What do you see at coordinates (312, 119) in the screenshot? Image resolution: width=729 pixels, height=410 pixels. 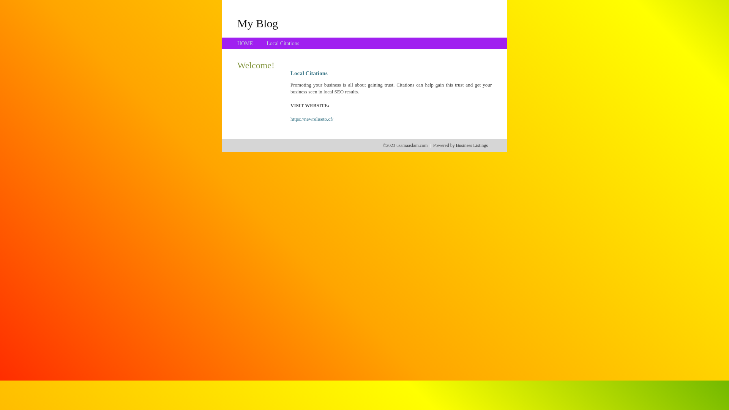 I see `'https://newreliseto.cf/'` at bounding box center [312, 119].